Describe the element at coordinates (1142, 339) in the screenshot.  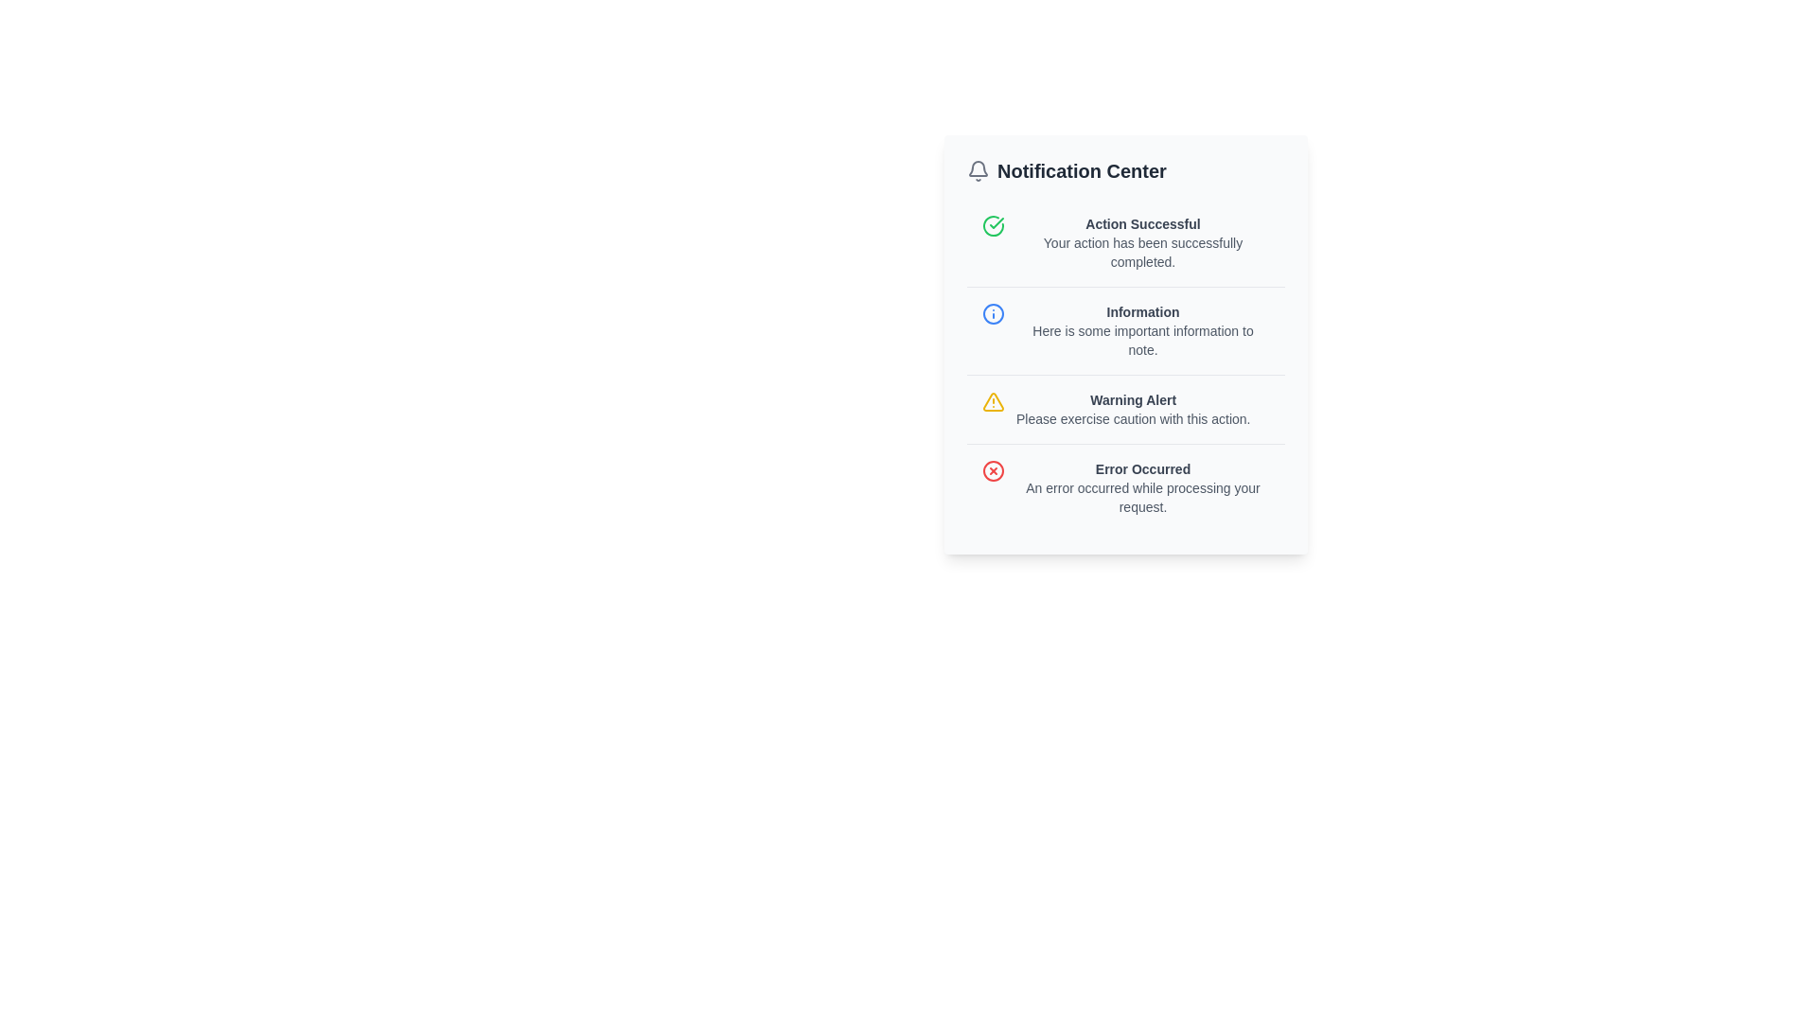
I see `the text element displaying 'Here is some important information to note.'` at that location.